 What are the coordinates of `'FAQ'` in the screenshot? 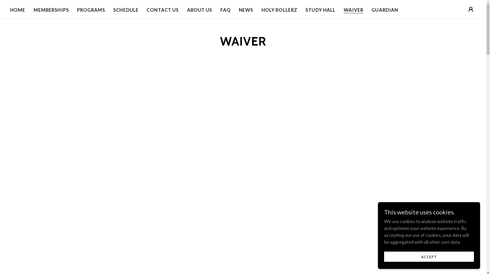 It's located at (225, 10).